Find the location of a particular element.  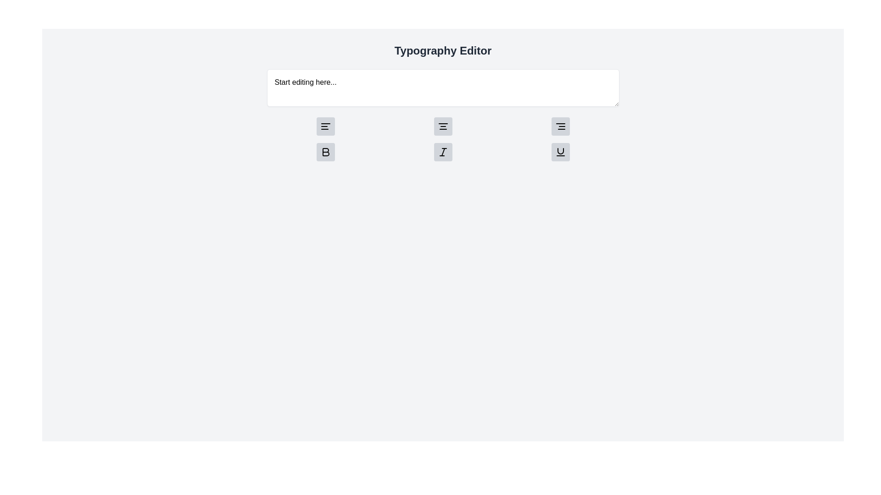

the second alignment button with an icon for centered text alignment, located beneath the 'Start editing here...' text area is located at coordinates (443, 115).